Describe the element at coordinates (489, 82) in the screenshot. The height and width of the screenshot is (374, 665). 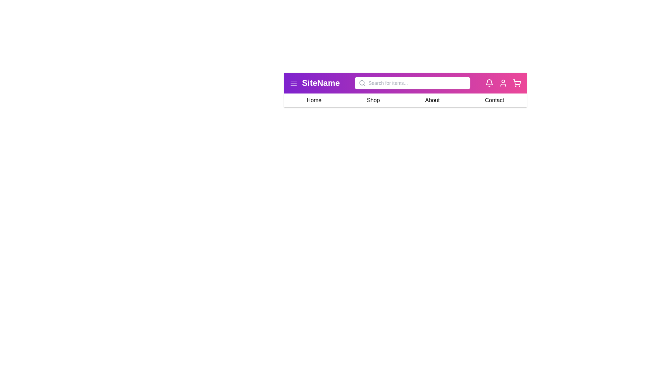
I see `the notification icon` at that location.